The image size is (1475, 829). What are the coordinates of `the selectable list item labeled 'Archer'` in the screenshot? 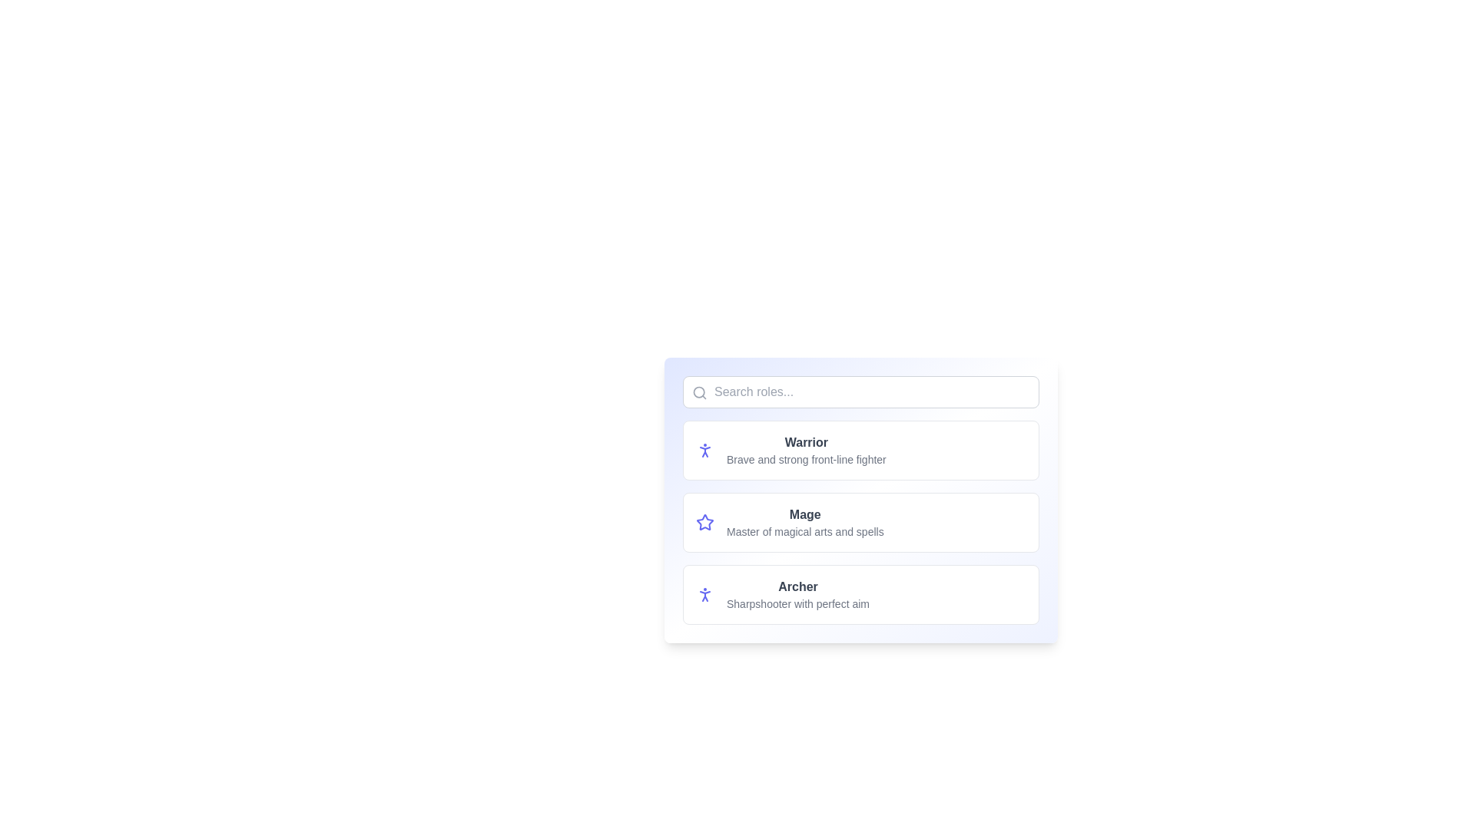 It's located at (861, 594).